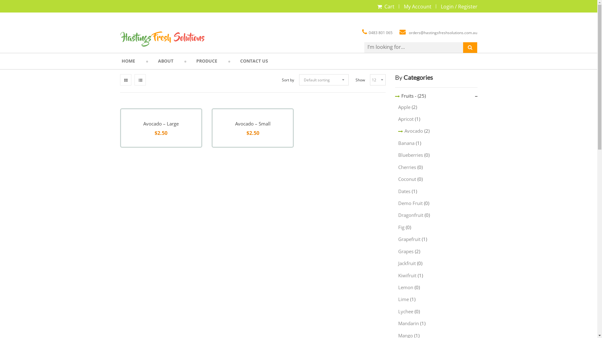 The image size is (602, 338). Describe the element at coordinates (410, 203) in the screenshot. I see `'Demo Fruit'` at that location.